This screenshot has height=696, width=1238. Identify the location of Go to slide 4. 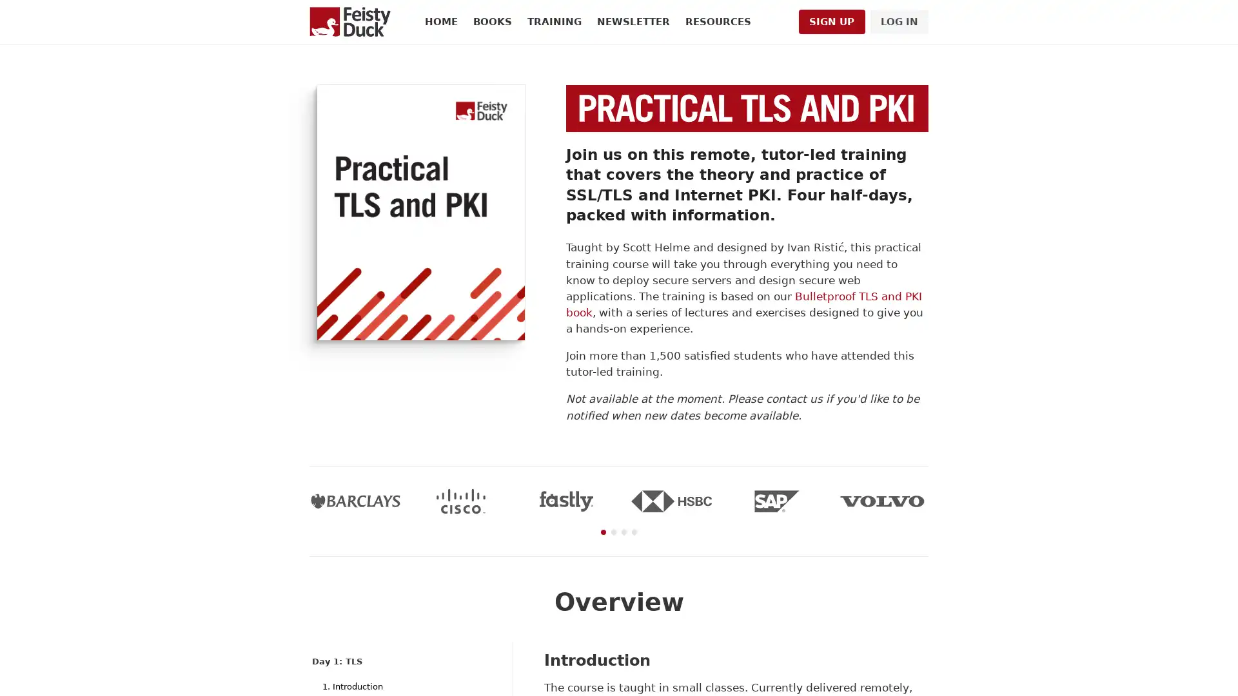
(634, 532).